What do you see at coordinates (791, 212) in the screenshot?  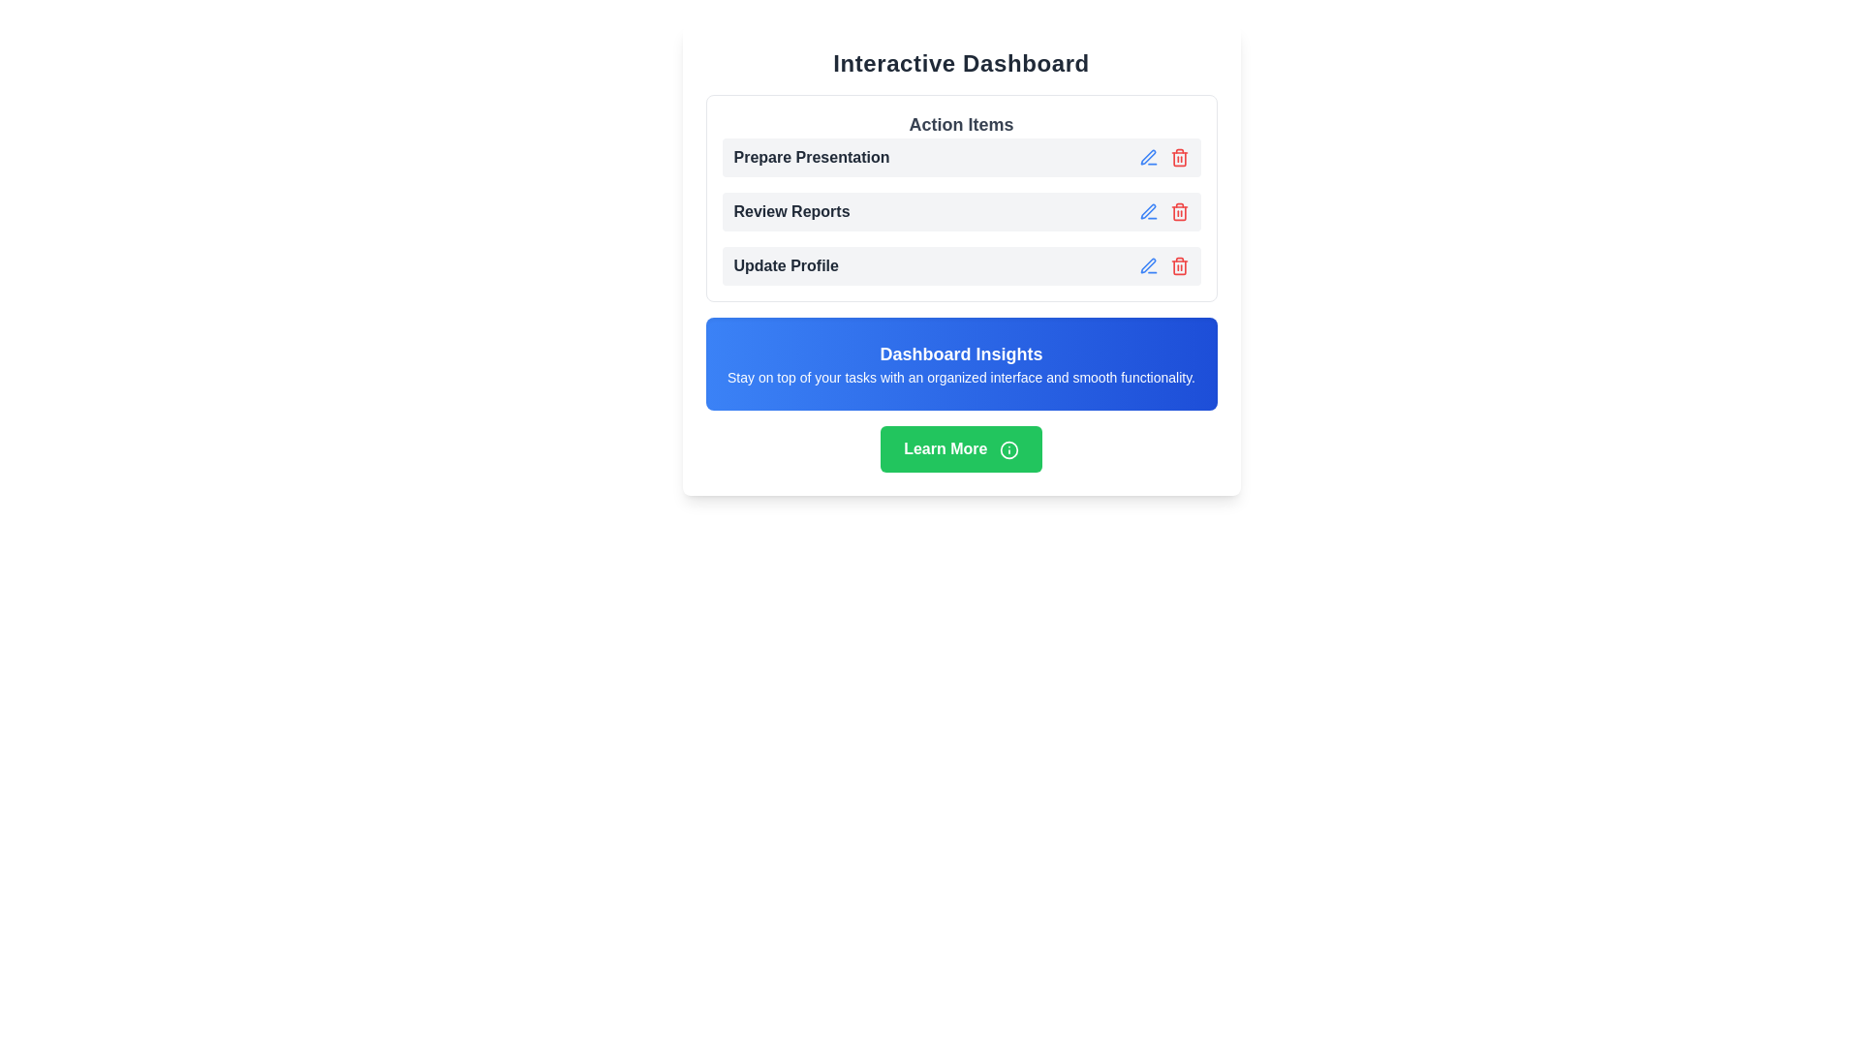 I see `the 'Review Reports' text label, which is bold, dark-gray, and styled in a sans-serif font, located in the 'Action Items' section between 'Prepare Presentation' and 'Update Profile'` at bounding box center [791, 212].